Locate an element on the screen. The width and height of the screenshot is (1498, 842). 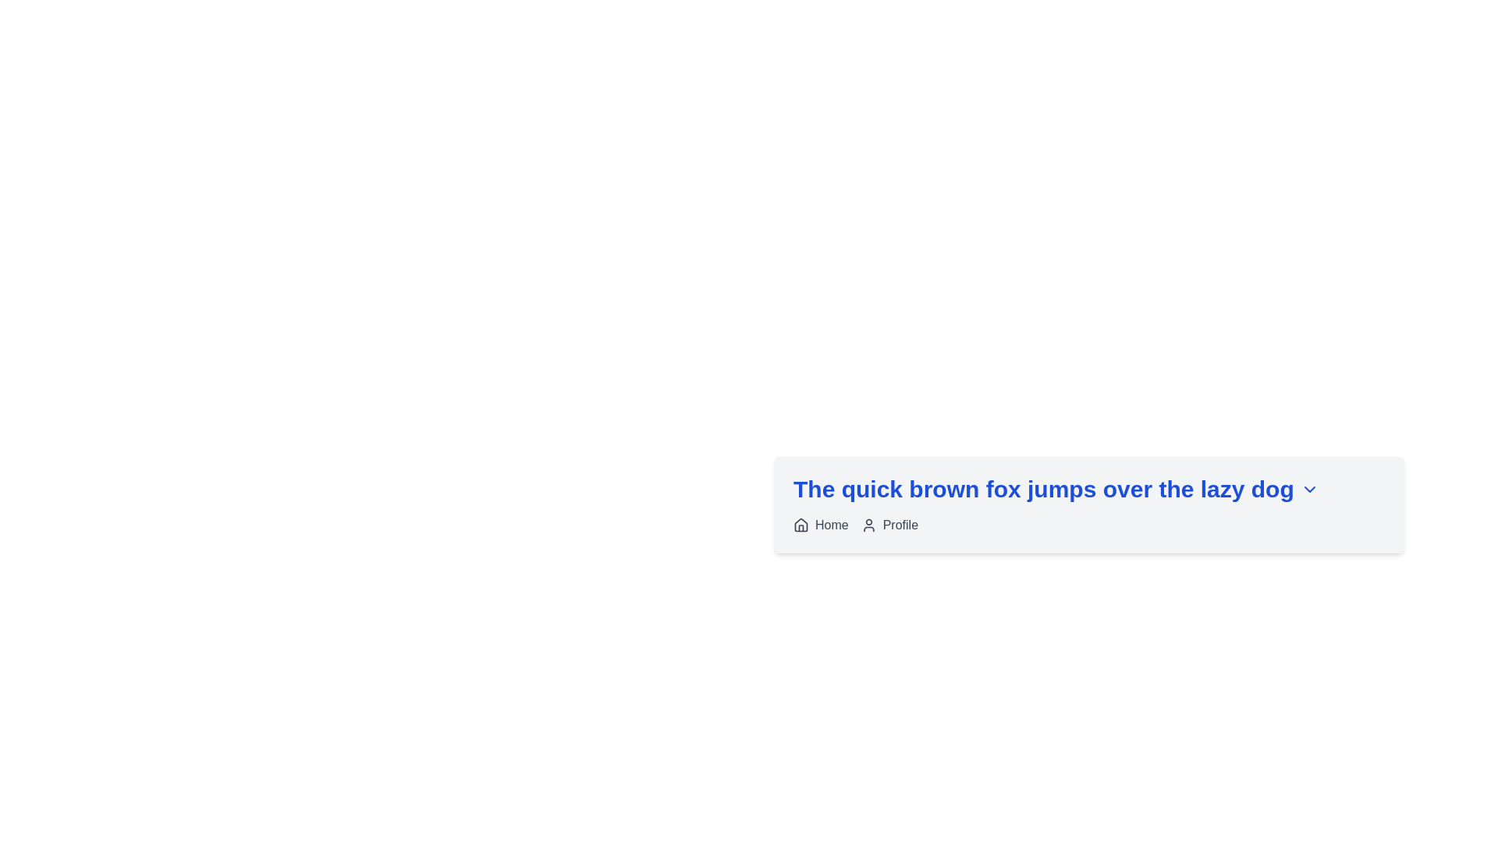
the small blue downward-pointing chevron arrow icon located to the right of the text 'The quick brown fox jumps over the lazy dog' is located at coordinates (1309, 489).